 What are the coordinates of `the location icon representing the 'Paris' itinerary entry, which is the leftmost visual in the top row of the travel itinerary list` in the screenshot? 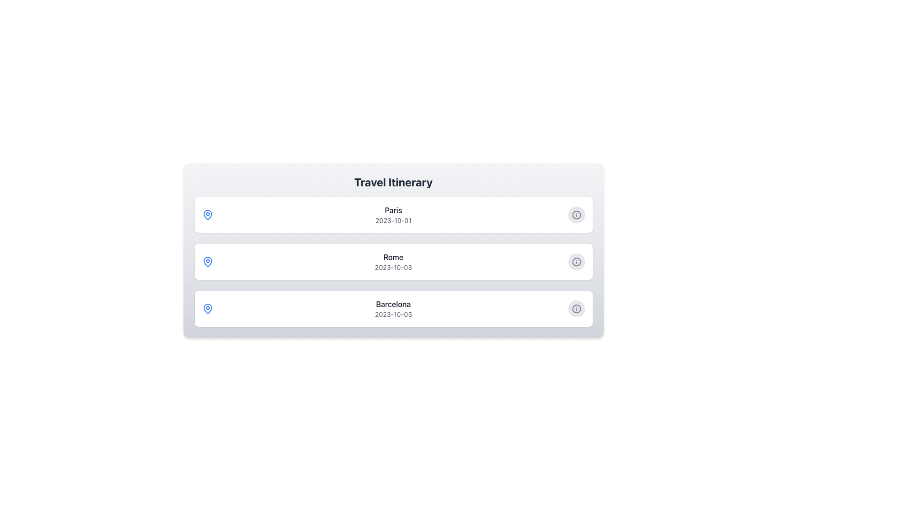 It's located at (207, 215).